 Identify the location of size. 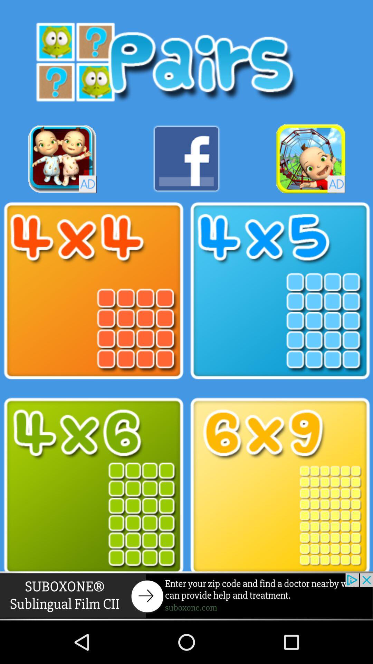
(280, 486).